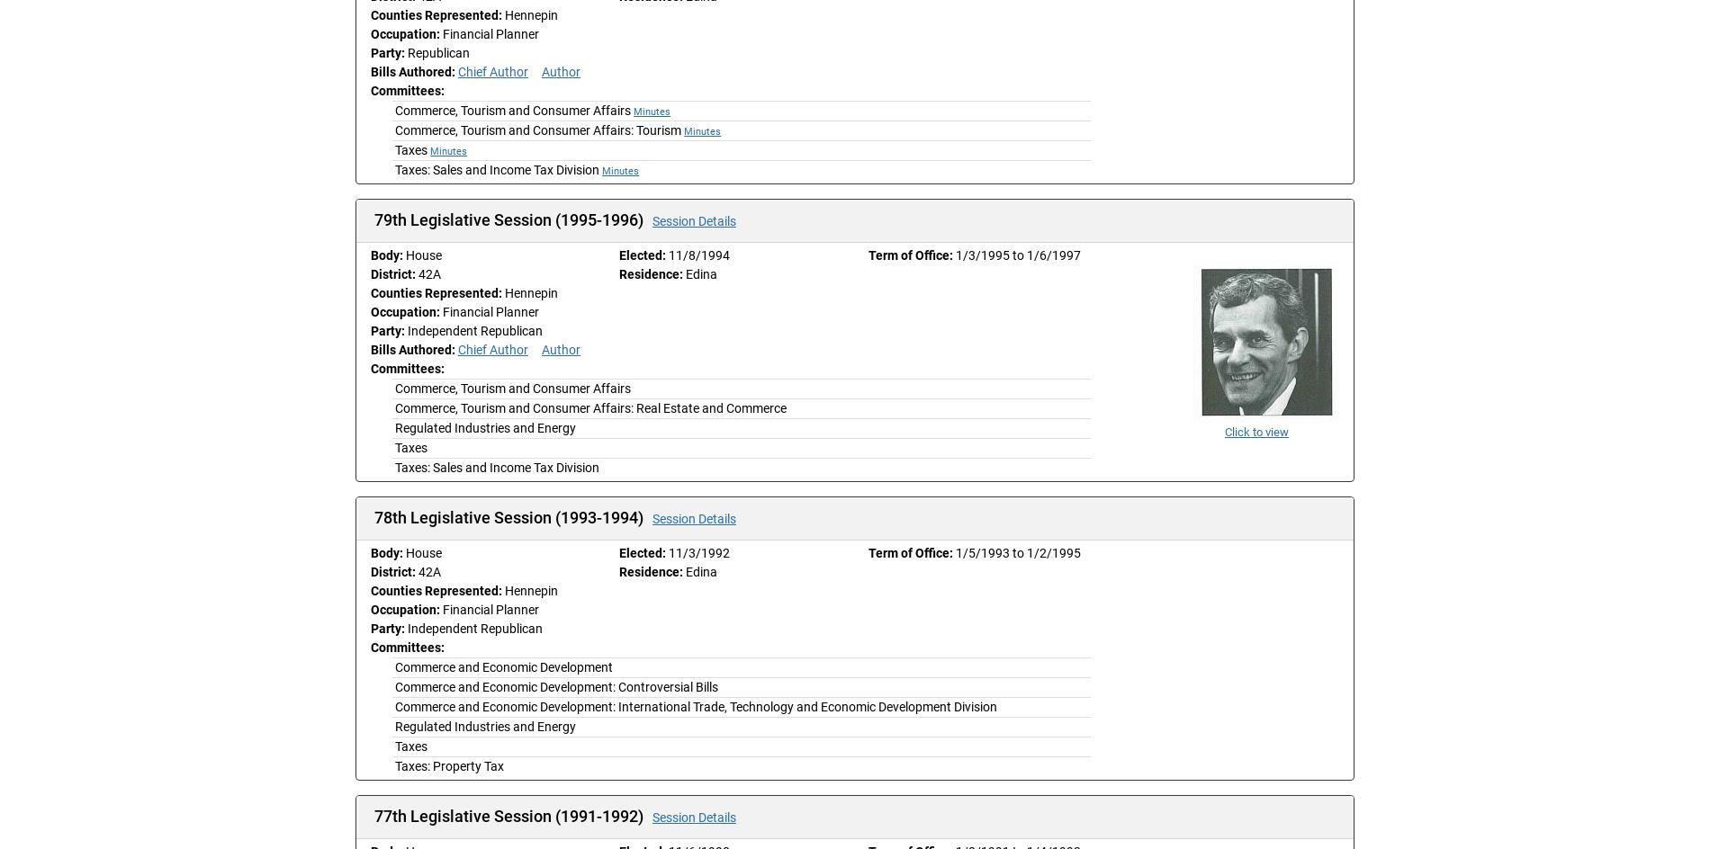 Image resolution: width=1710 pixels, height=849 pixels. Describe the element at coordinates (510, 516) in the screenshot. I see `'78th Legislative Session (1993-1994)'` at that location.